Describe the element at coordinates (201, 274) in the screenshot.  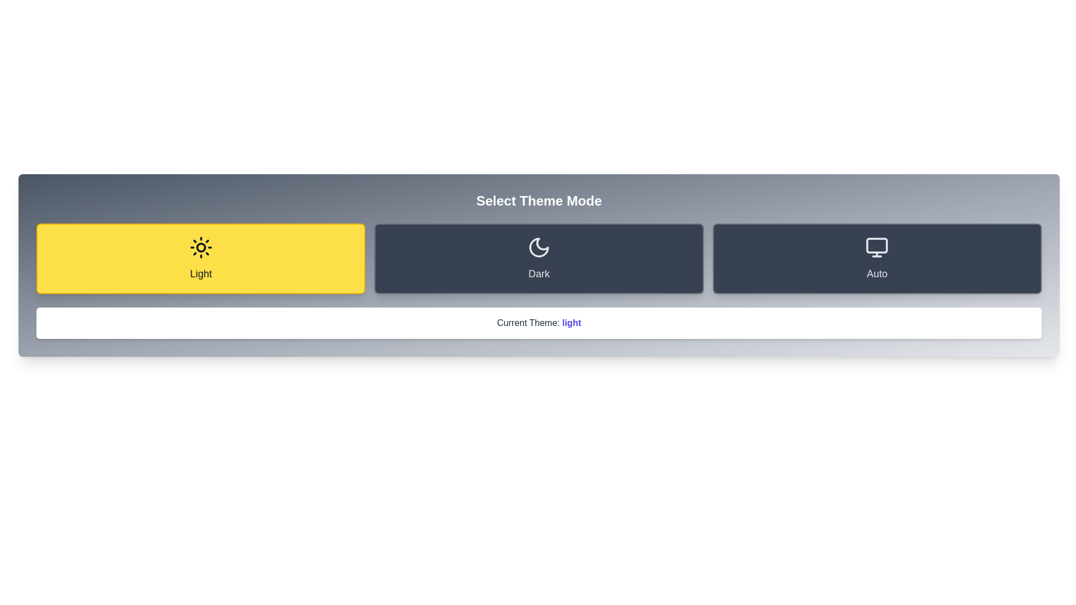
I see `the Text Label that describes the 'Light' theme, positioned at the bottom center of the leftmost card beneath a sun icon` at that location.